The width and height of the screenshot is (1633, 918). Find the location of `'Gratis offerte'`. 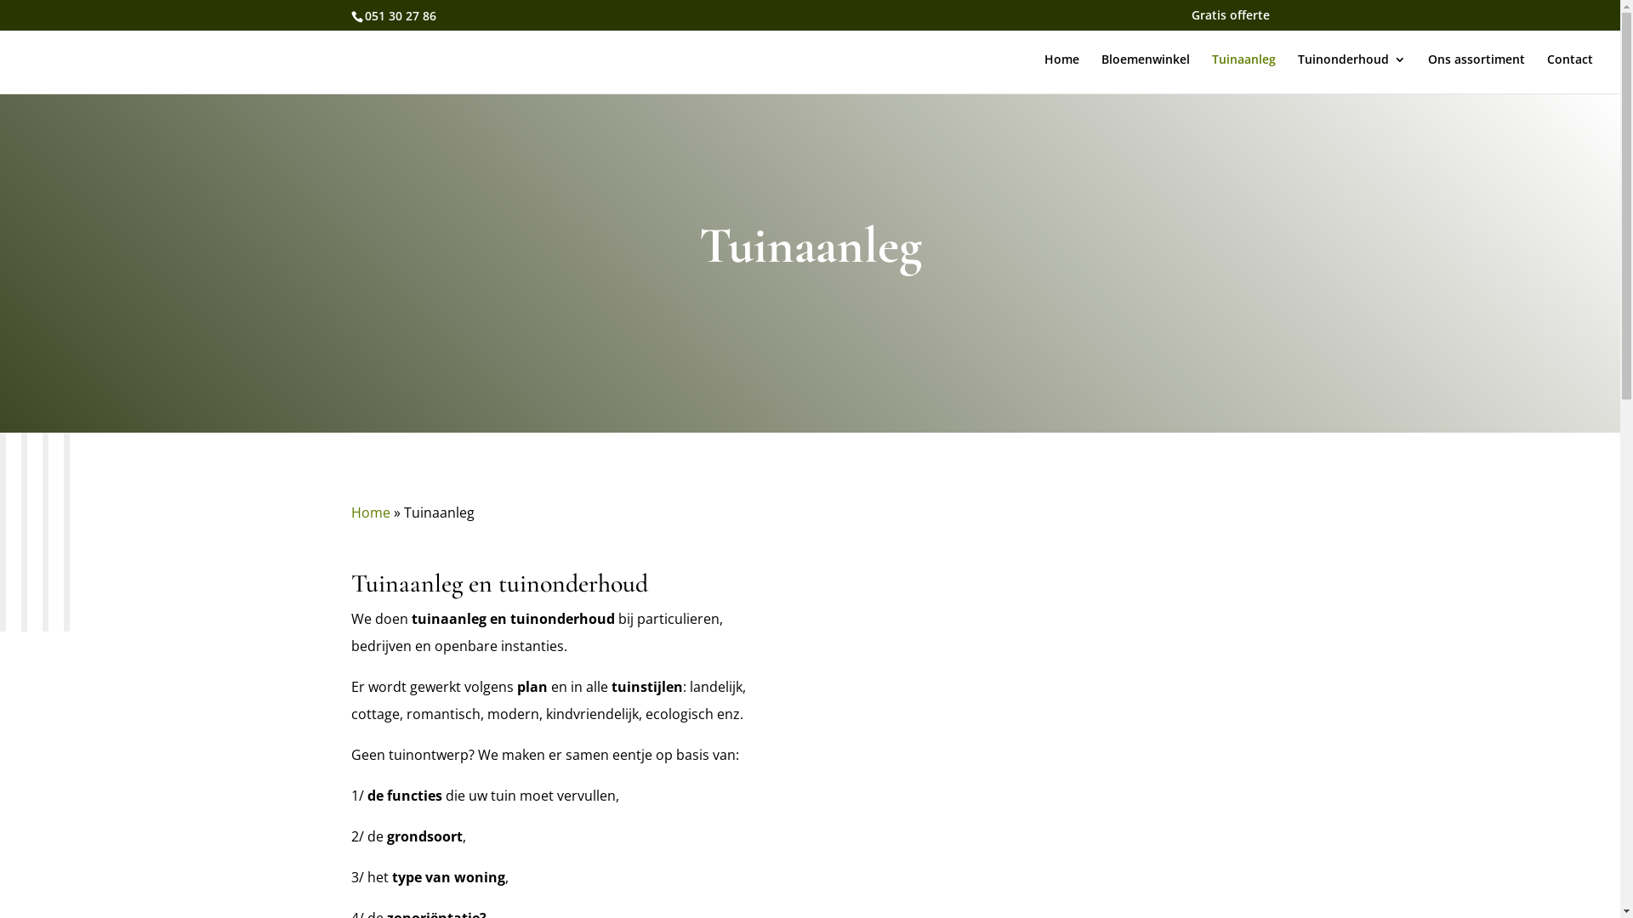

'Gratis offerte' is located at coordinates (1229, 19).